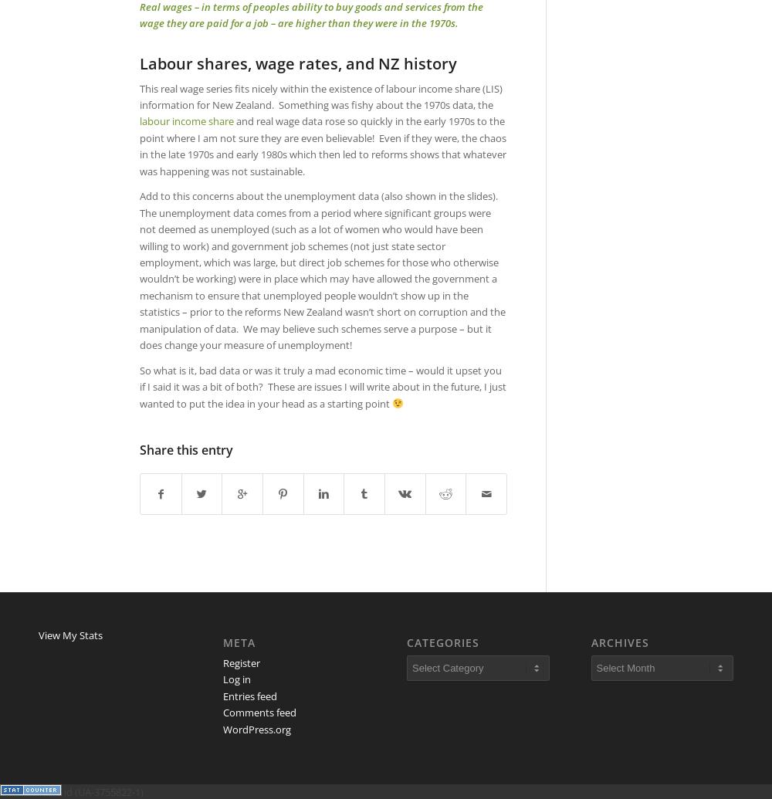 This screenshot has height=799, width=772. What do you see at coordinates (298, 63) in the screenshot?
I see `'Labour shares, wage rates, and NZ history'` at bounding box center [298, 63].